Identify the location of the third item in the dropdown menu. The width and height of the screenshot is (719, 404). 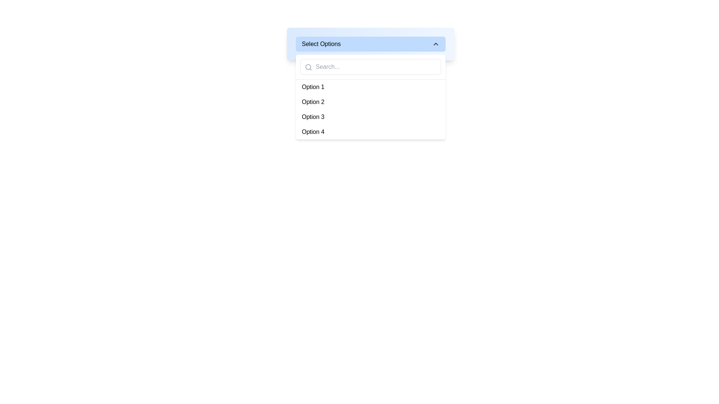
(370, 117).